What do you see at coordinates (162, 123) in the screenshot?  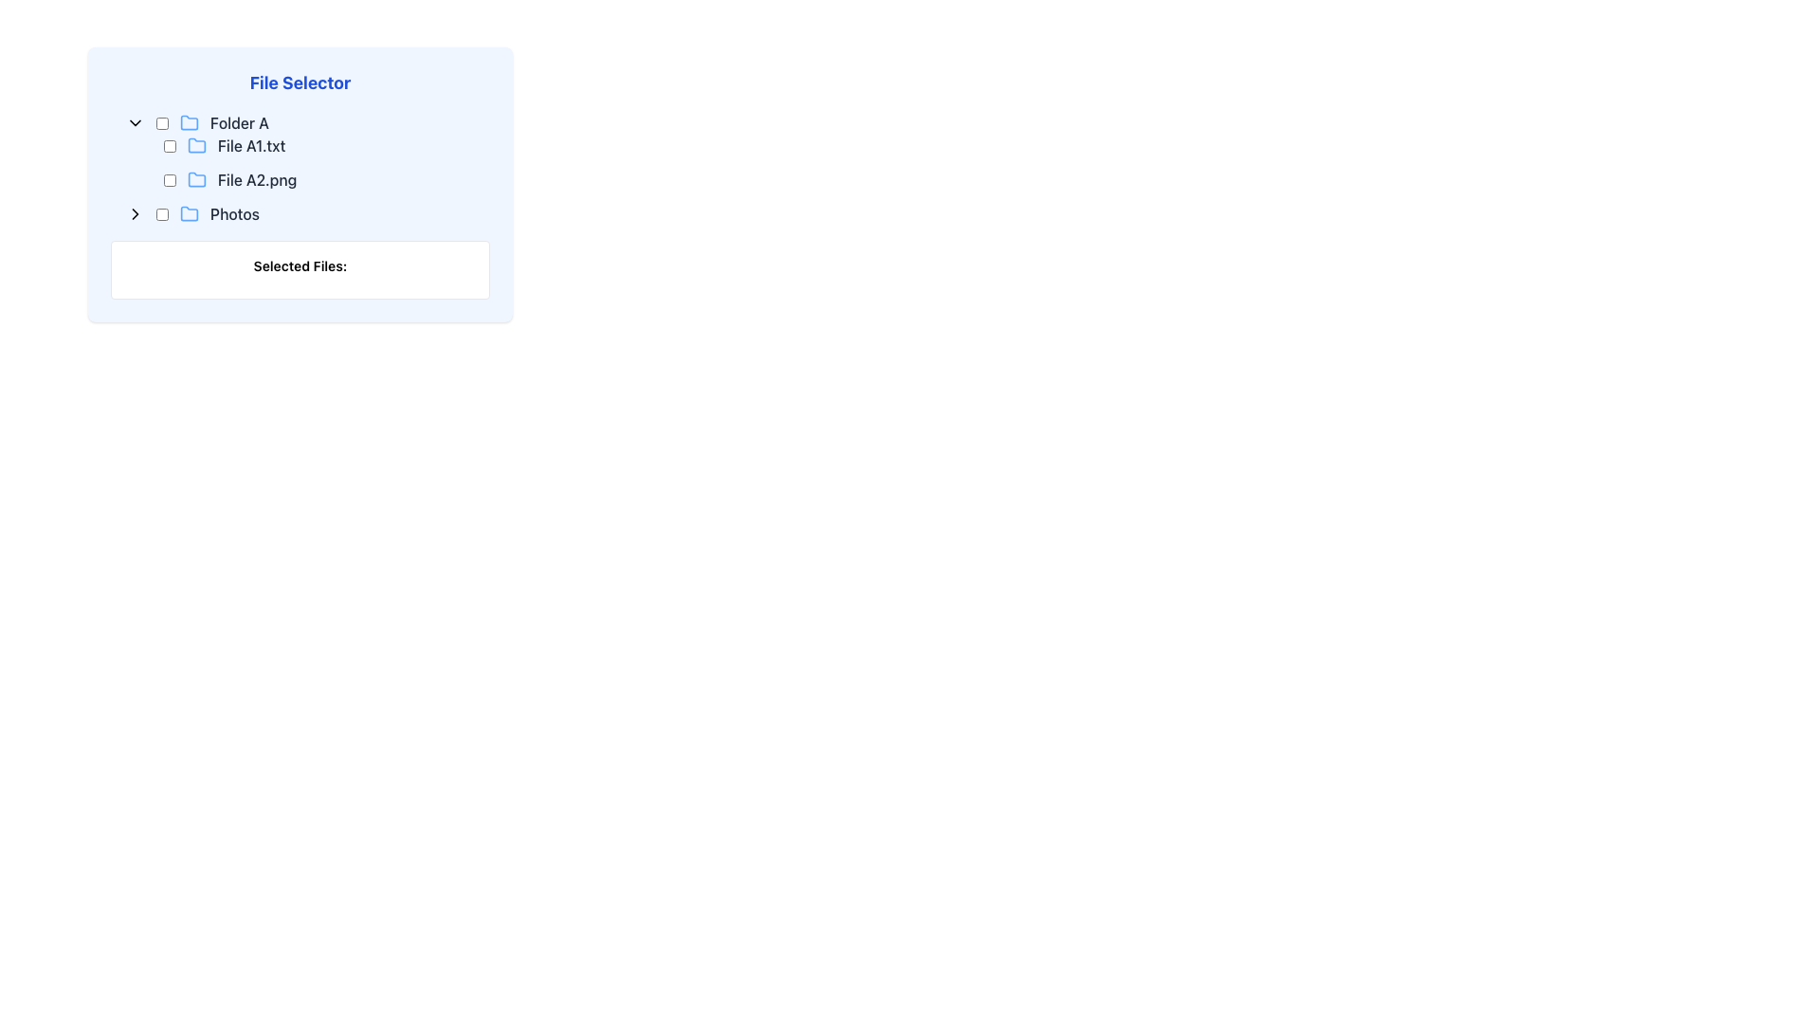 I see `the checkbox located to the left of the text 'Folder A' in the 'File Selector' section to potentially display a tooltip or highlight` at bounding box center [162, 123].